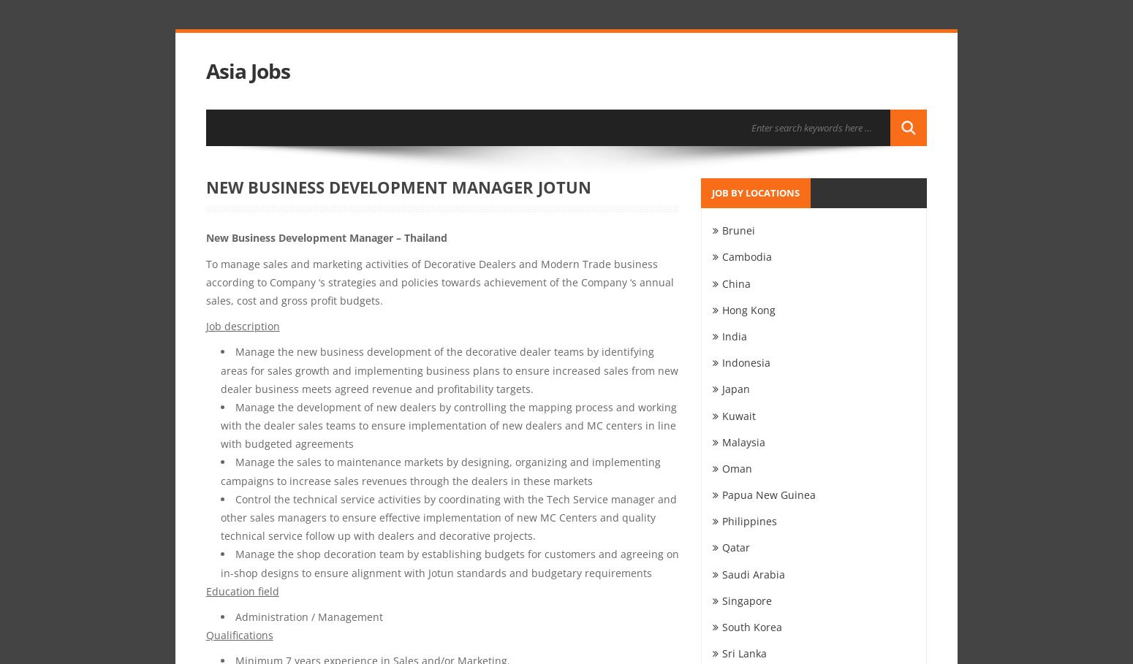 The width and height of the screenshot is (1133, 664). I want to click on 'Manage the sales to maintenance markets by designing, organizing and implementing campaigns to increase sales revenues through the dealers in these markets', so click(440, 470).